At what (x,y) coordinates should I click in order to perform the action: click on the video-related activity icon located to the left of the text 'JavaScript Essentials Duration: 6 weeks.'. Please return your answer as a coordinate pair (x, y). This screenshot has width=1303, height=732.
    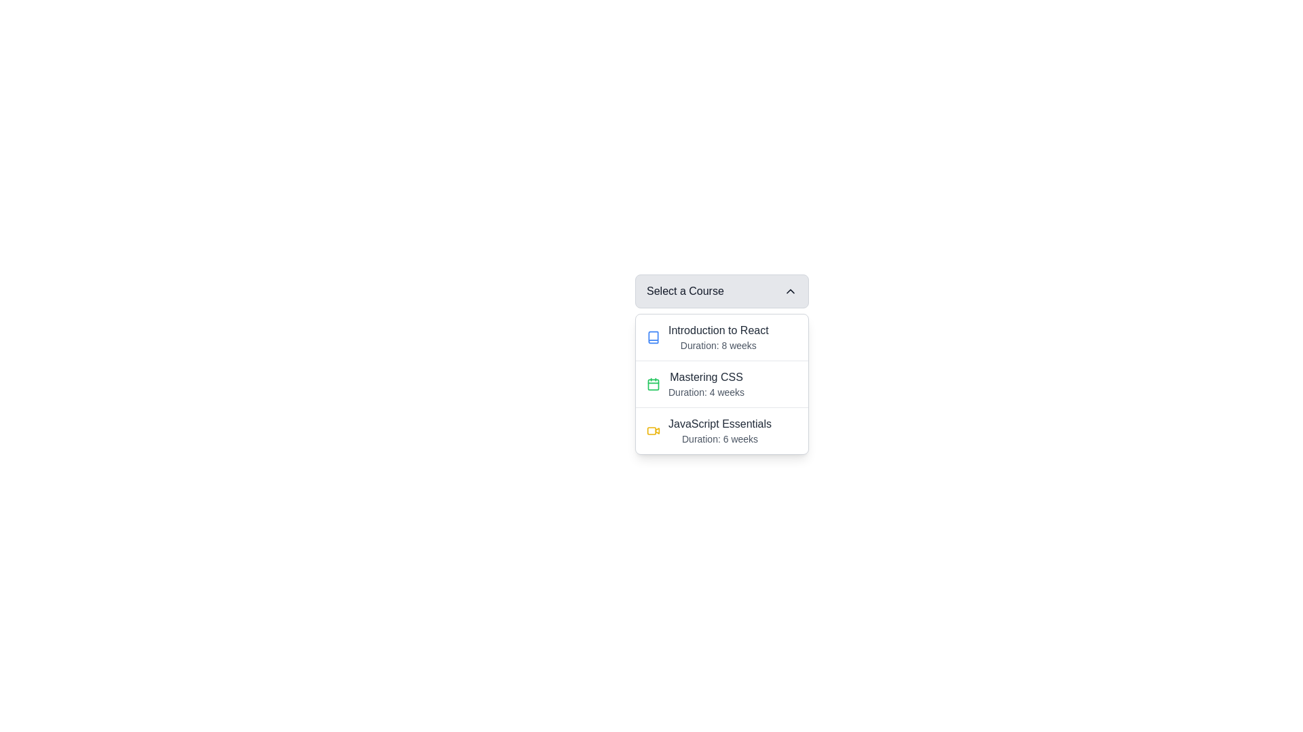
    Looking at the image, I should click on (654, 431).